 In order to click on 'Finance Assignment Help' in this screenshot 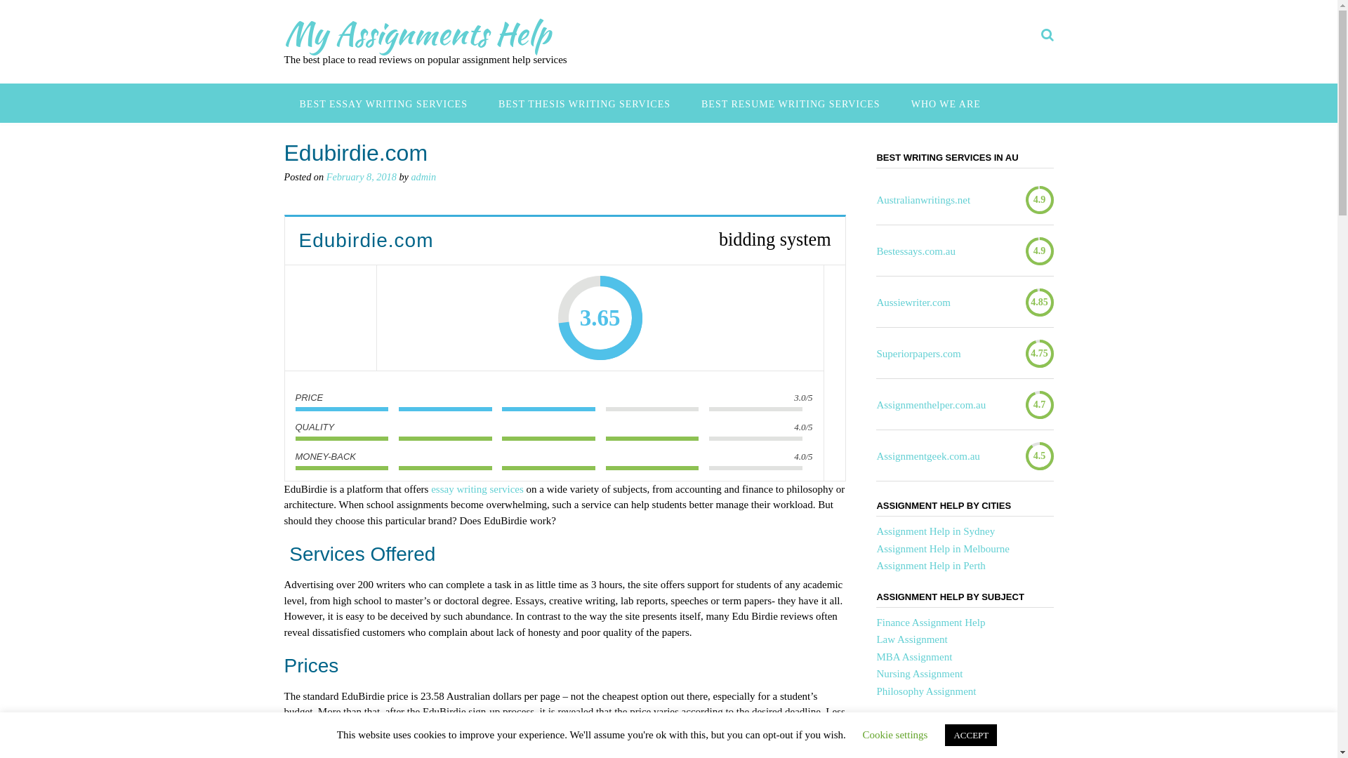, I will do `click(930, 621)`.